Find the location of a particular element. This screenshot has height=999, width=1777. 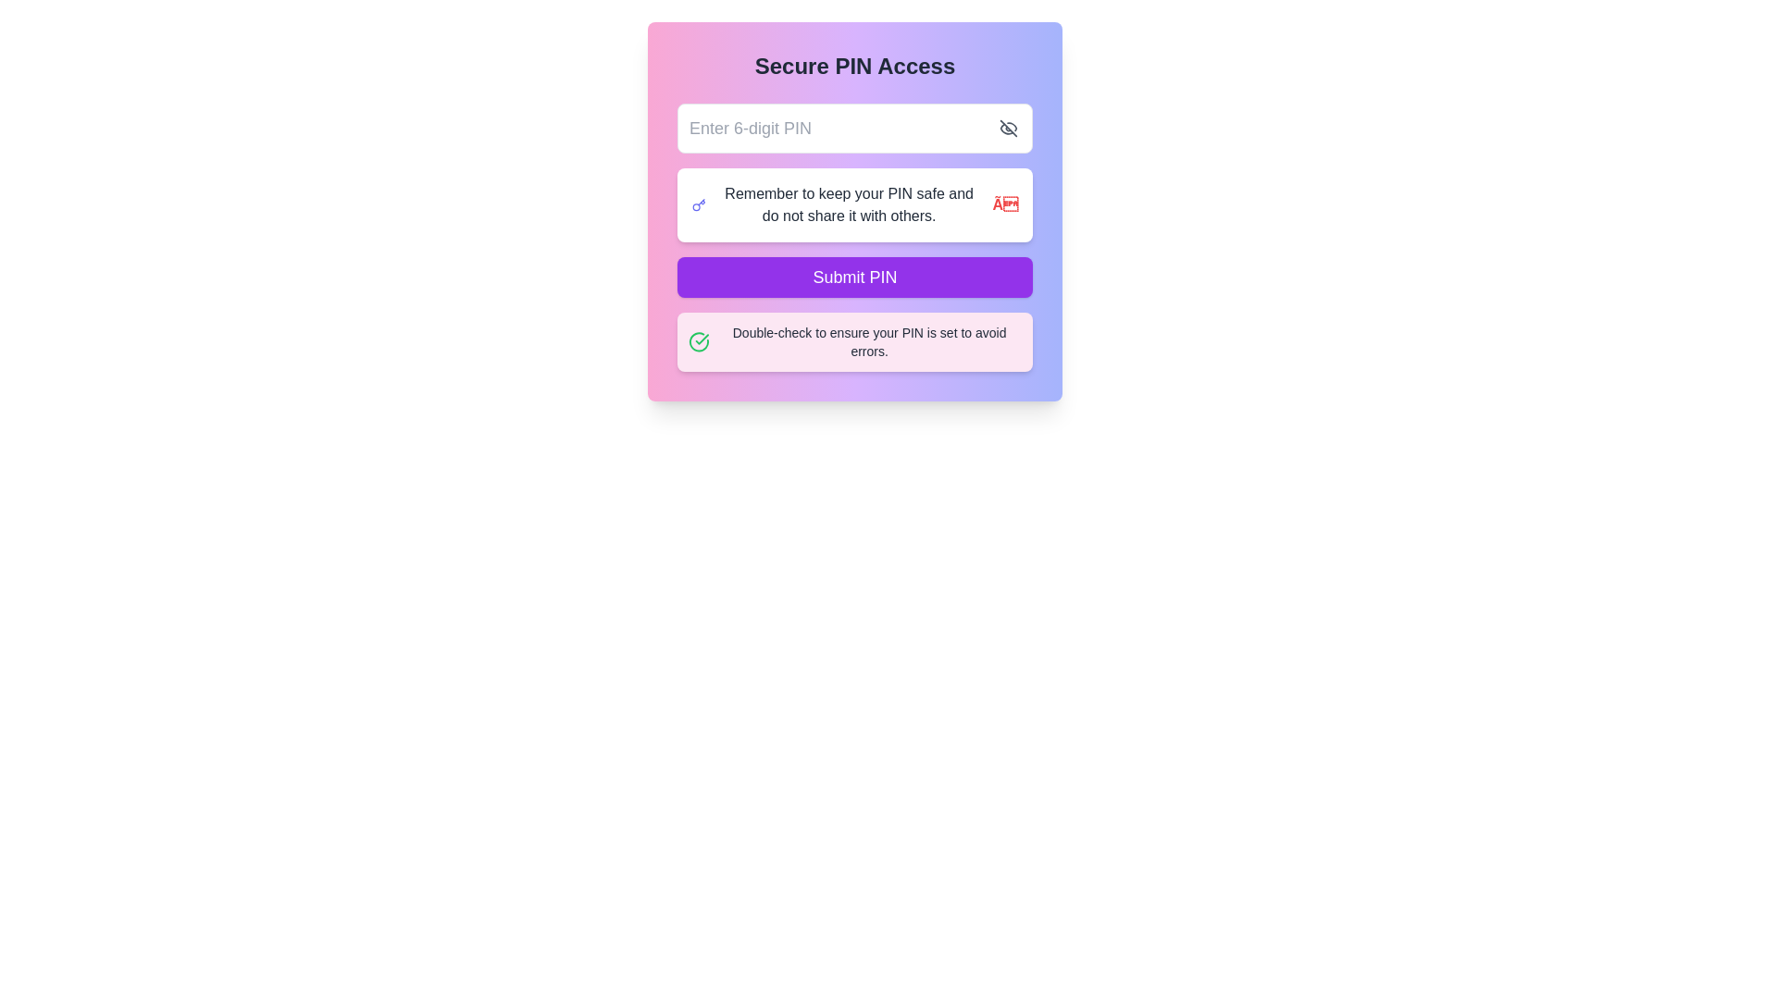

text of the Heading element that serves as a title for the secure PIN access card, located at the top center of the card is located at coordinates (854, 66).